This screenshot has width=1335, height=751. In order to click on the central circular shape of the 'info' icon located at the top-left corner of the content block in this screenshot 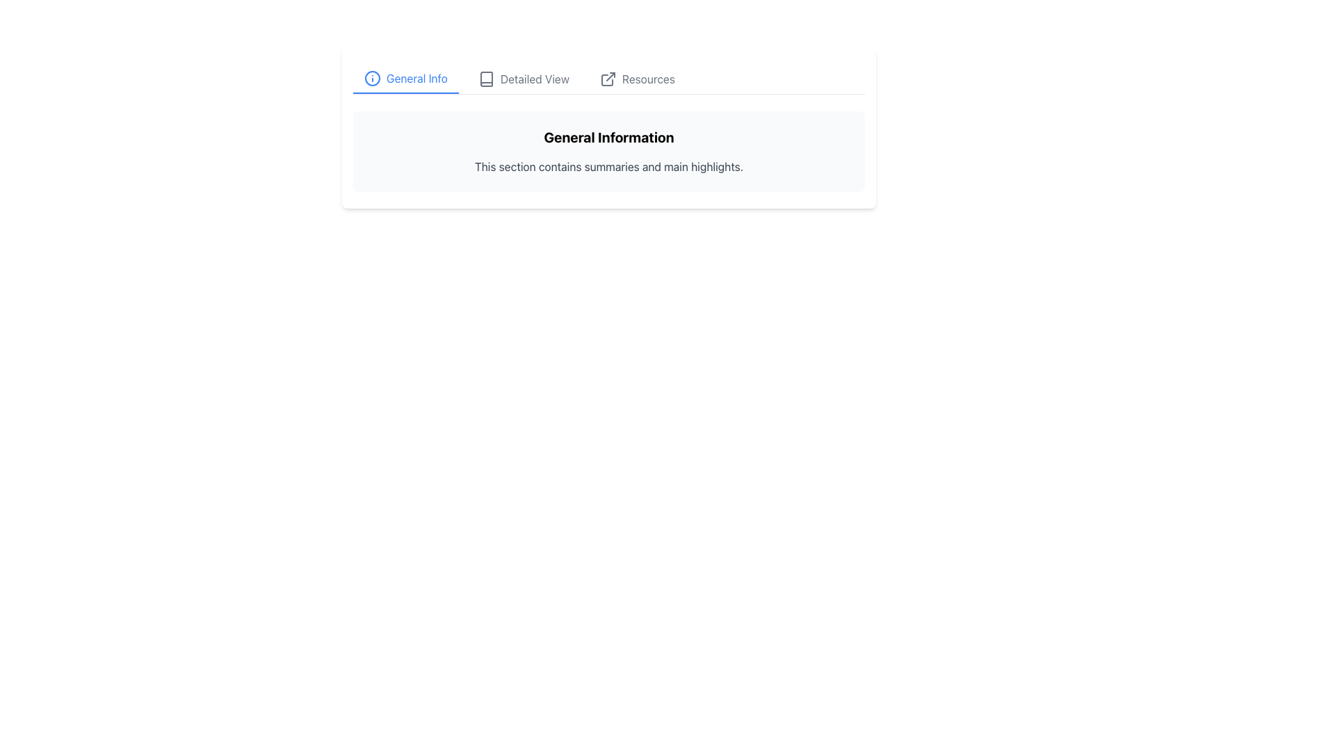, I will do `click(373, 78)`.